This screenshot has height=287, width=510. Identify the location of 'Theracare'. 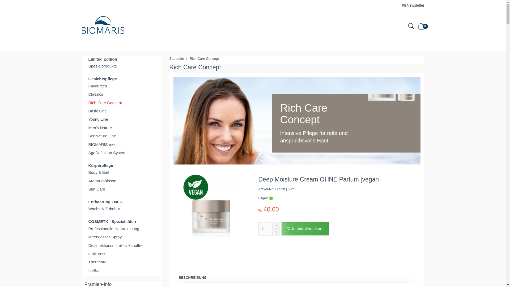
(121, 261).